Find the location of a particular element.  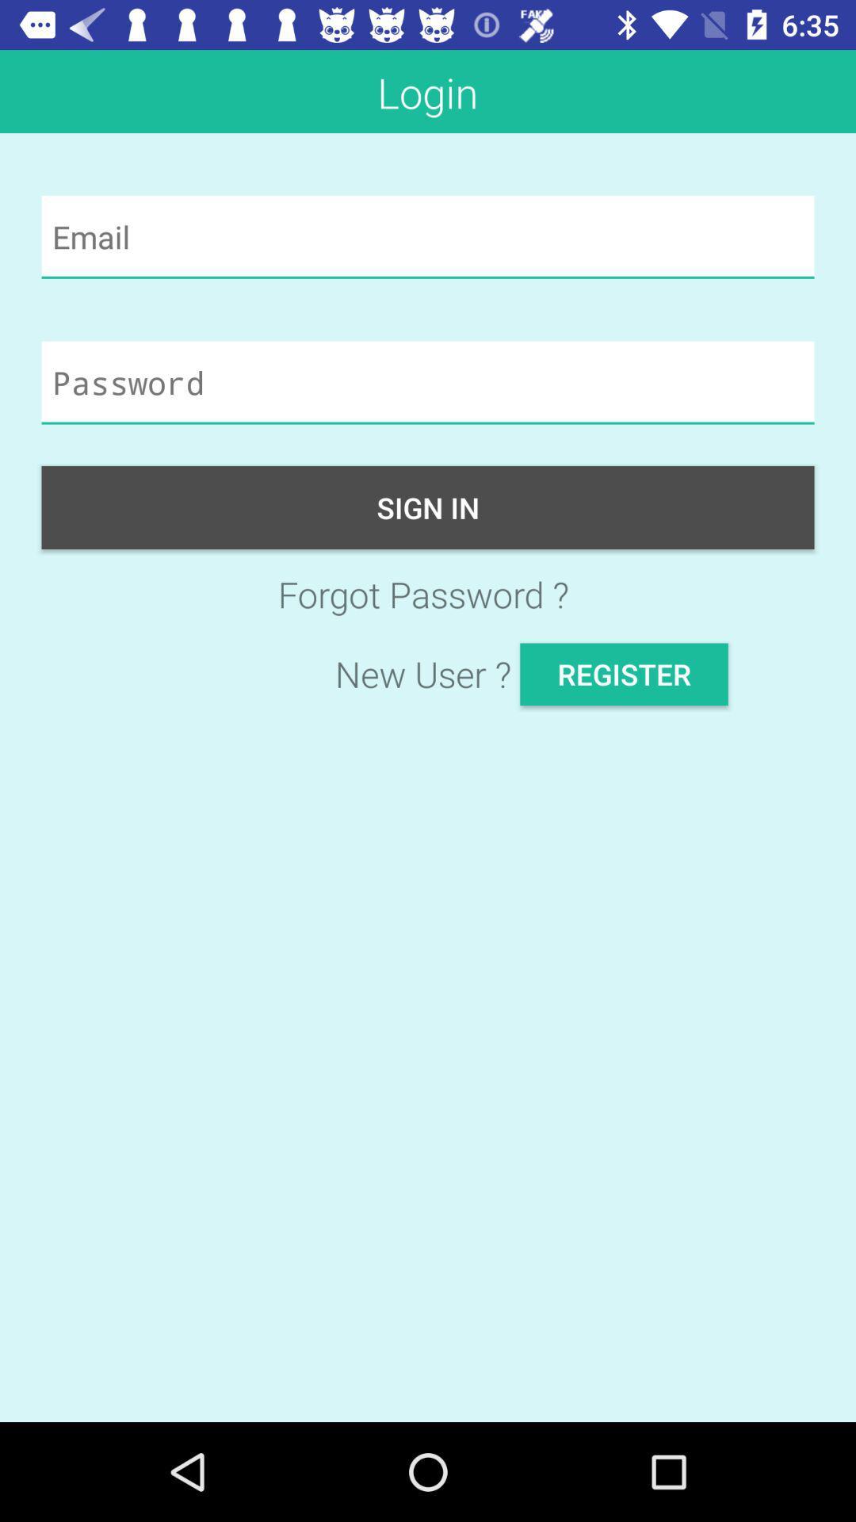

the forgot password ?  icon is located at coordinates (428, 593).